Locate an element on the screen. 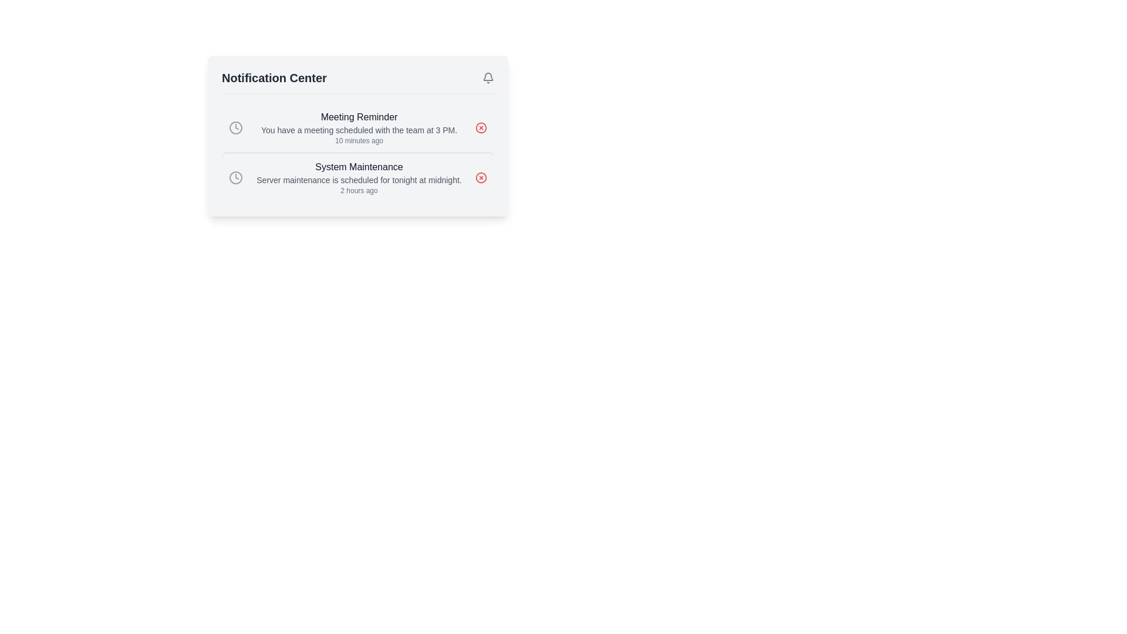 This screenshot has width=1127, height=634. the static text displaying '10 minutes ago', which is styled in a small gray font and located below the main text of the 'Meeting Reminder' notification is located at coordinates (358, 140).